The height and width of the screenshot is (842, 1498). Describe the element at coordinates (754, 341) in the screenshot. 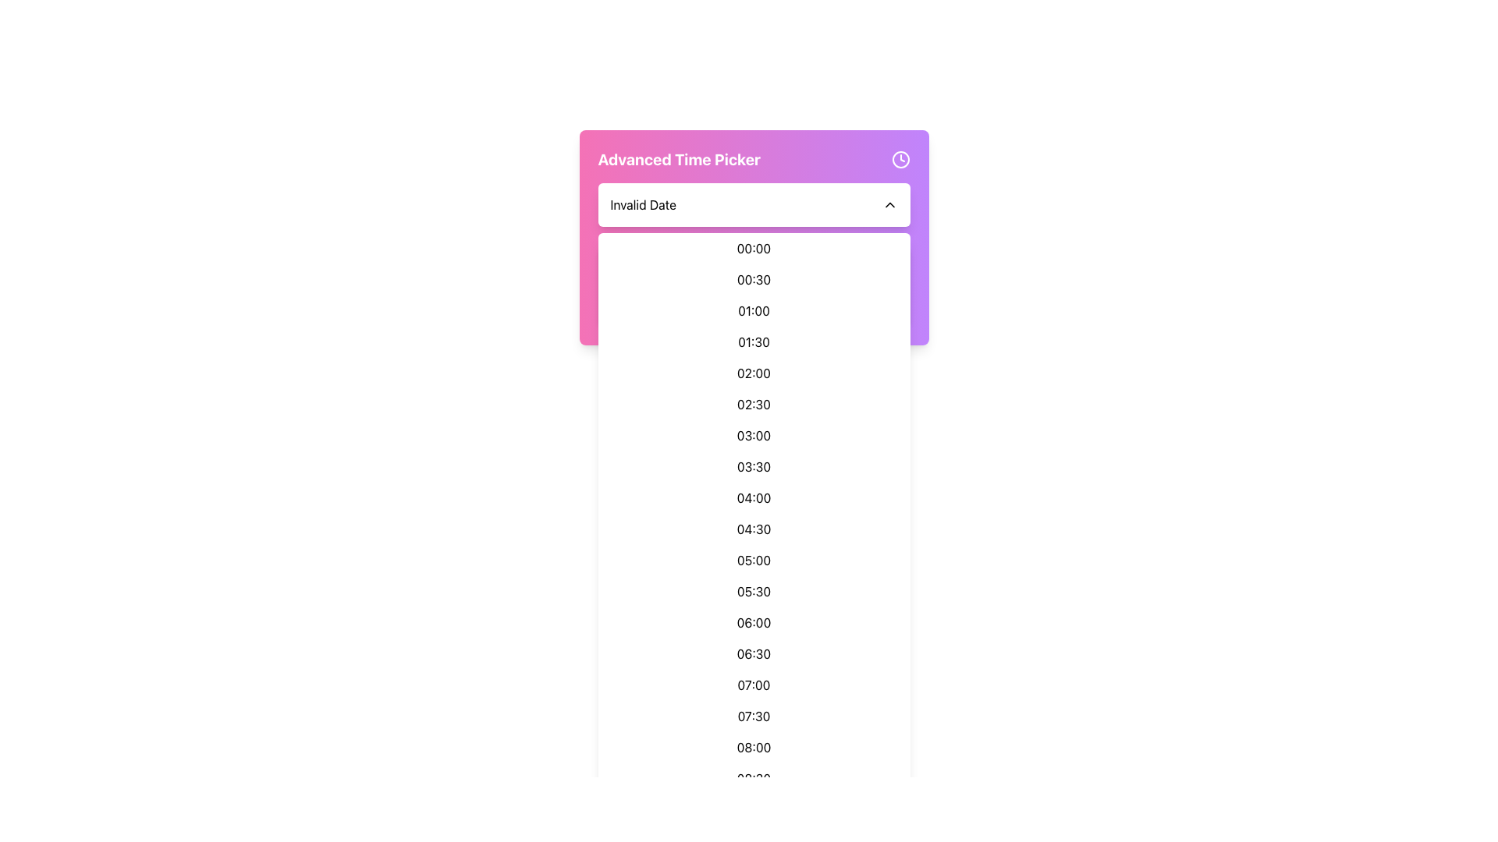

I see `the time entry labeled '01:30' in the dropdown menu under the 'Invalid Date' input field` at that location.